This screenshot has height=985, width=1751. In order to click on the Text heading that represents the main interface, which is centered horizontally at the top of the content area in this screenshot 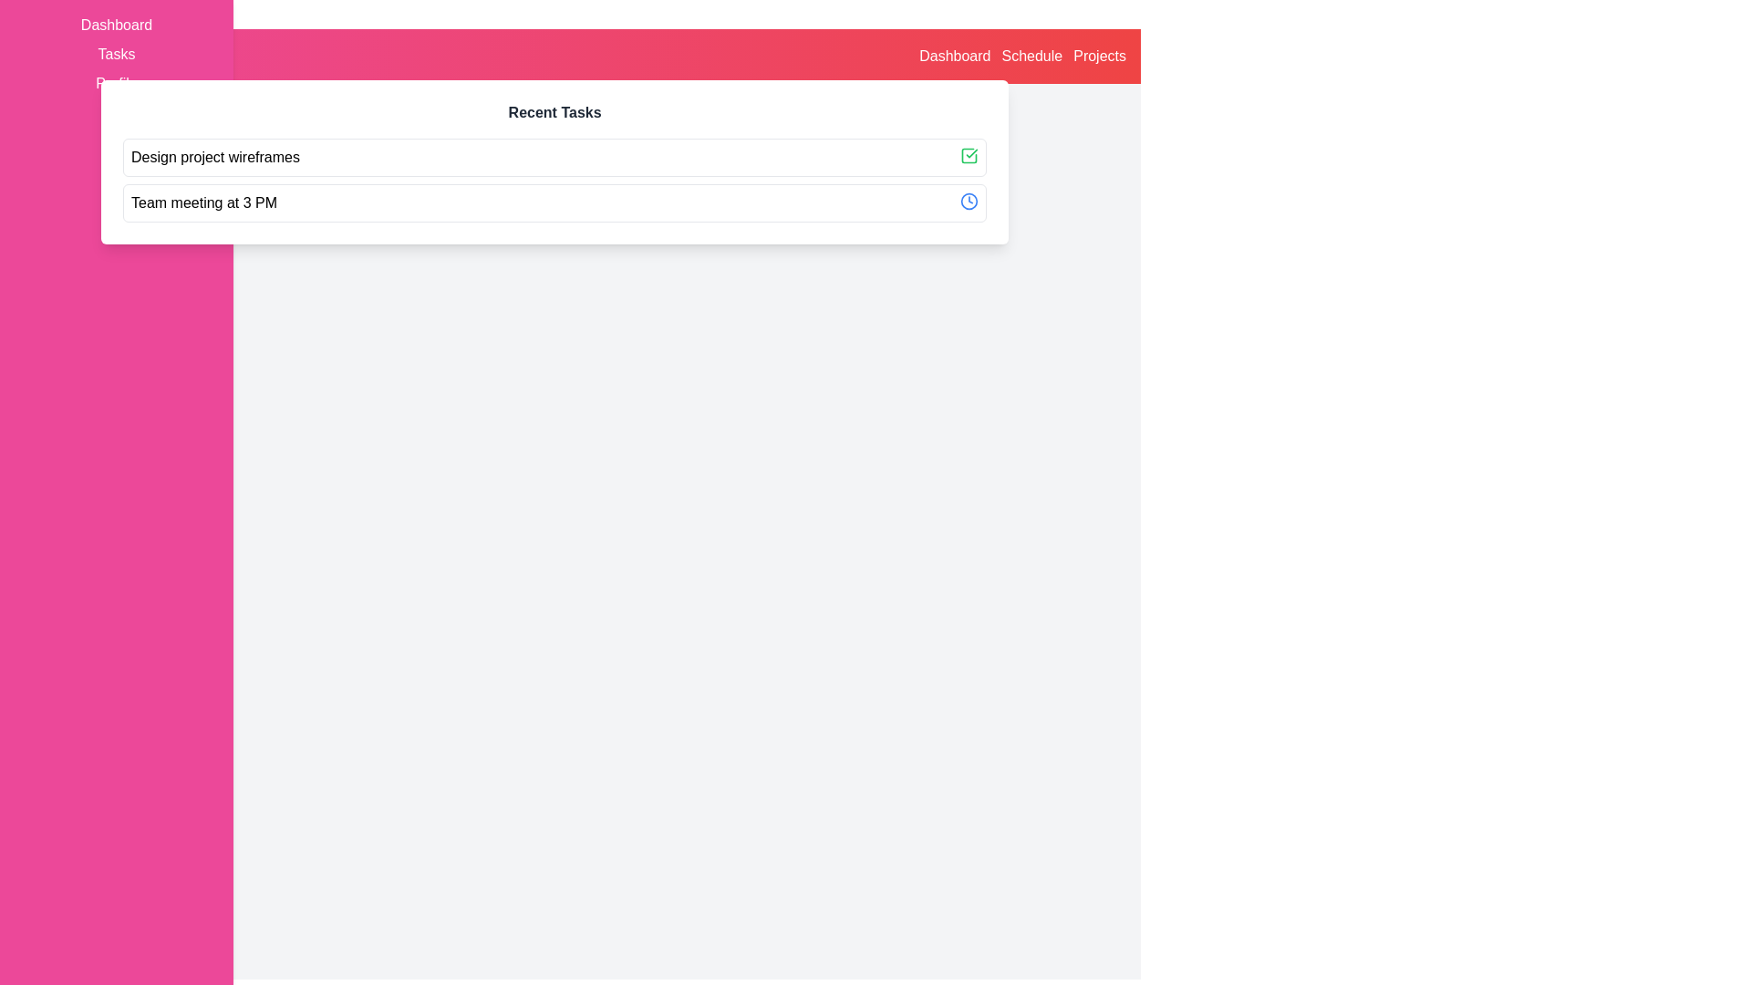, I will do `click(595, 119)`.